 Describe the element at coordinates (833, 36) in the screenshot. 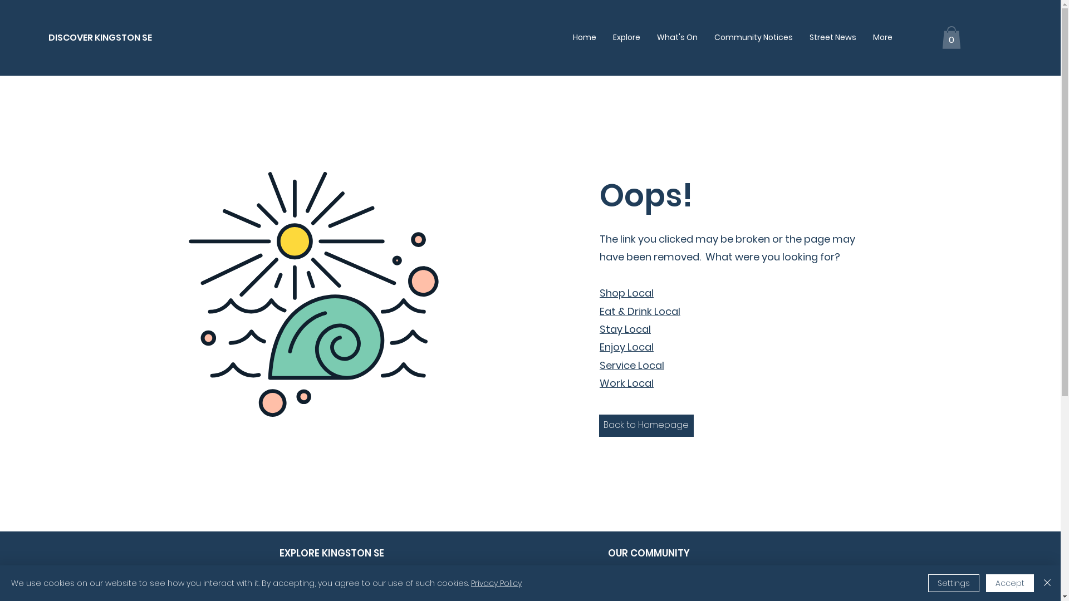

I see `'Street News'` at that location.